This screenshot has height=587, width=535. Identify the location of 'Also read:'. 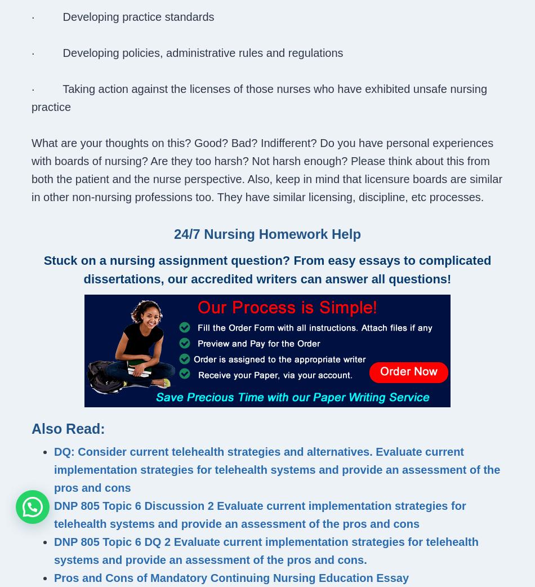
(68, 428).